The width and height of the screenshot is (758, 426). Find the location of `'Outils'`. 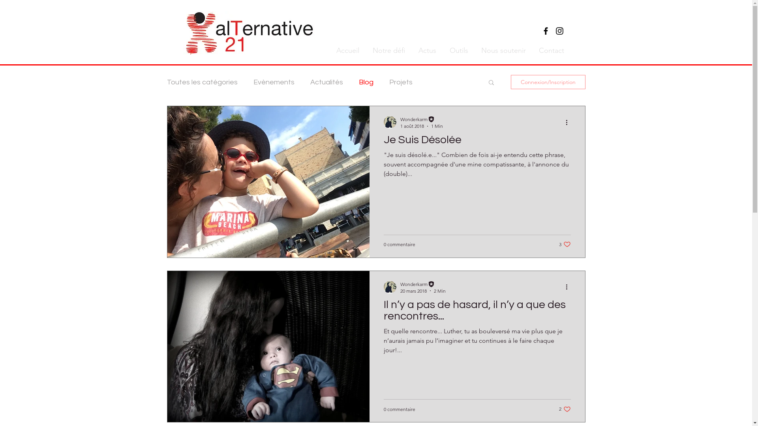

'Outils' is located at coordinates (458, 50).